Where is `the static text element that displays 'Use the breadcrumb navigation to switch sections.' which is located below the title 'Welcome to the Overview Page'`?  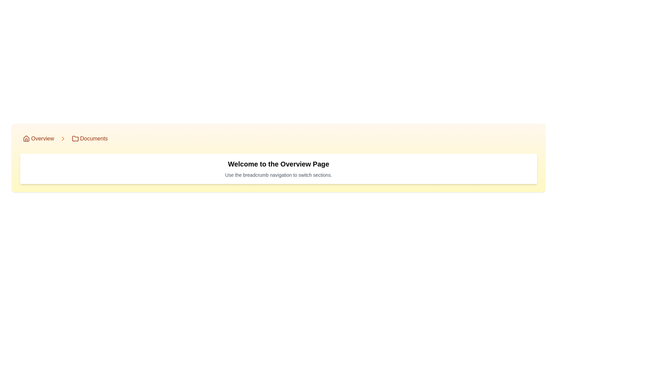 the static text element that displays 'Use the breadcrumb navigation to switch sections.' which is located below the title 'Welcome to the Overview Page' is located at coordinates (278, 174).